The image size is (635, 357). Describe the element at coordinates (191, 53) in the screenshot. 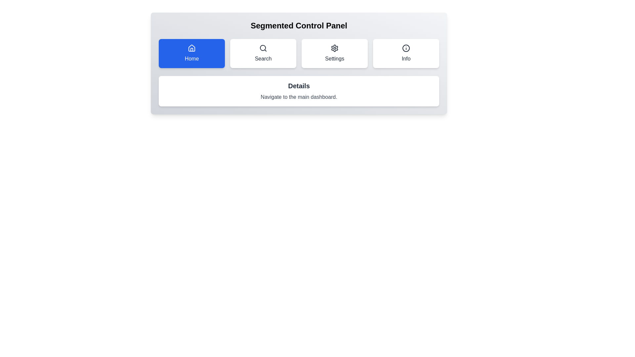

I see `the 'Home' button` at that location.